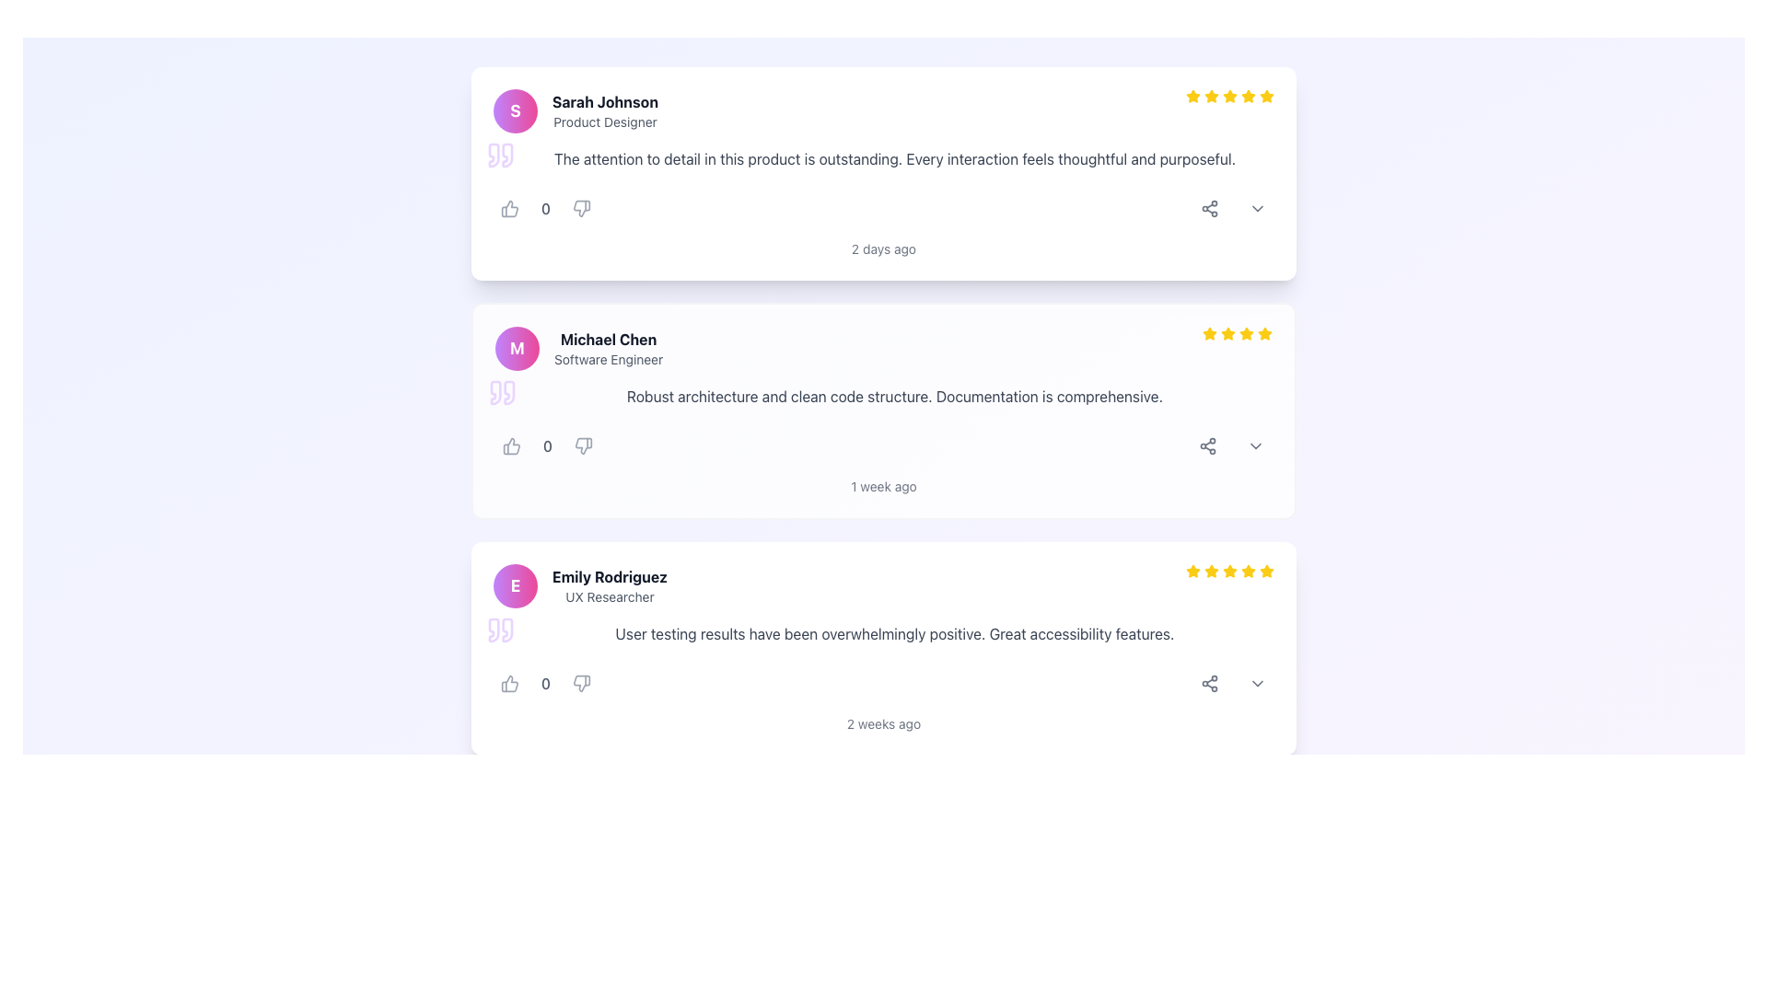 The height and width of the screenshot is (994, 1768). I want to click on the fifth yellow star icon representing a rating in the top-right section of the second user review card, so click(1263, 333).